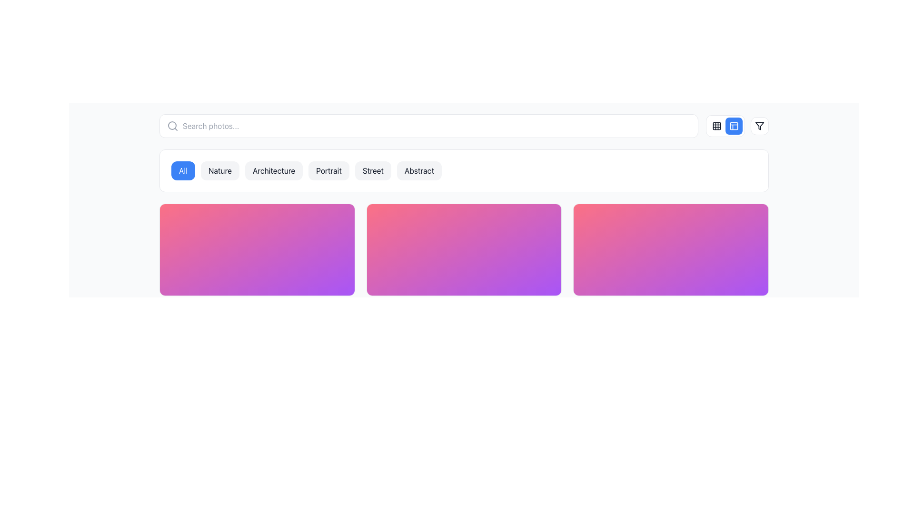 This screenshot has width=914, height=514. I want to click on the 'Portrait' filter button, which is the fourth button from the left in a row of six buttons, located centrally beneath a search bar and above three image placeholders, to trigger a visual change, so click(329, 170).